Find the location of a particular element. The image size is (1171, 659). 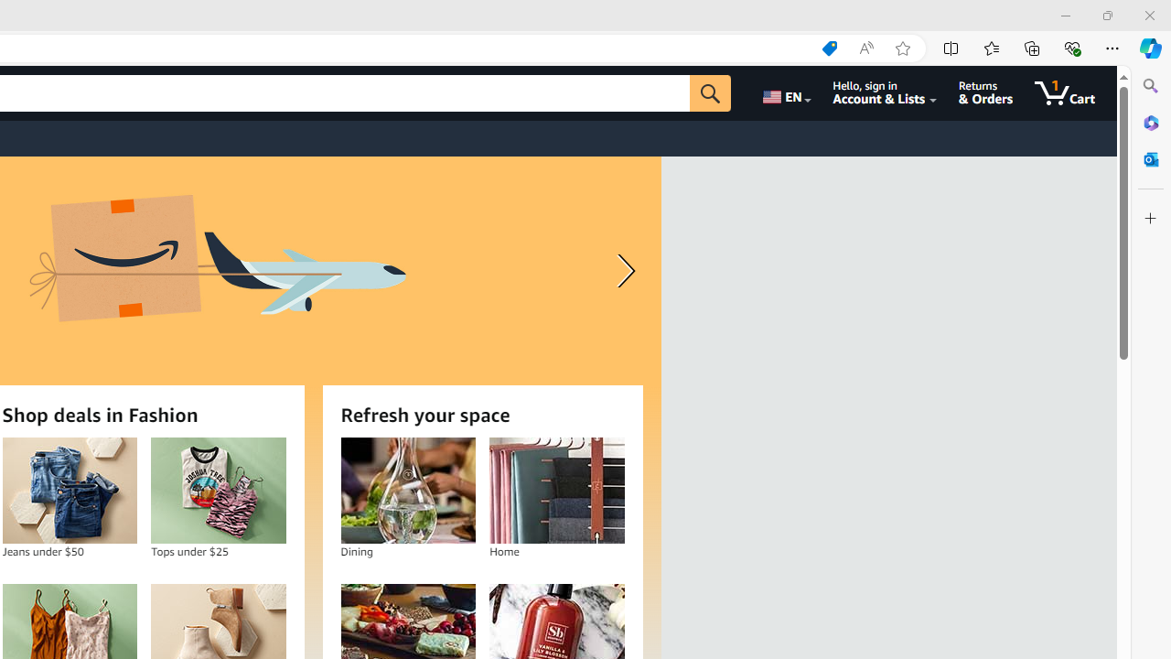

'Microsoft 365' is located at coordinates (1150, 122).